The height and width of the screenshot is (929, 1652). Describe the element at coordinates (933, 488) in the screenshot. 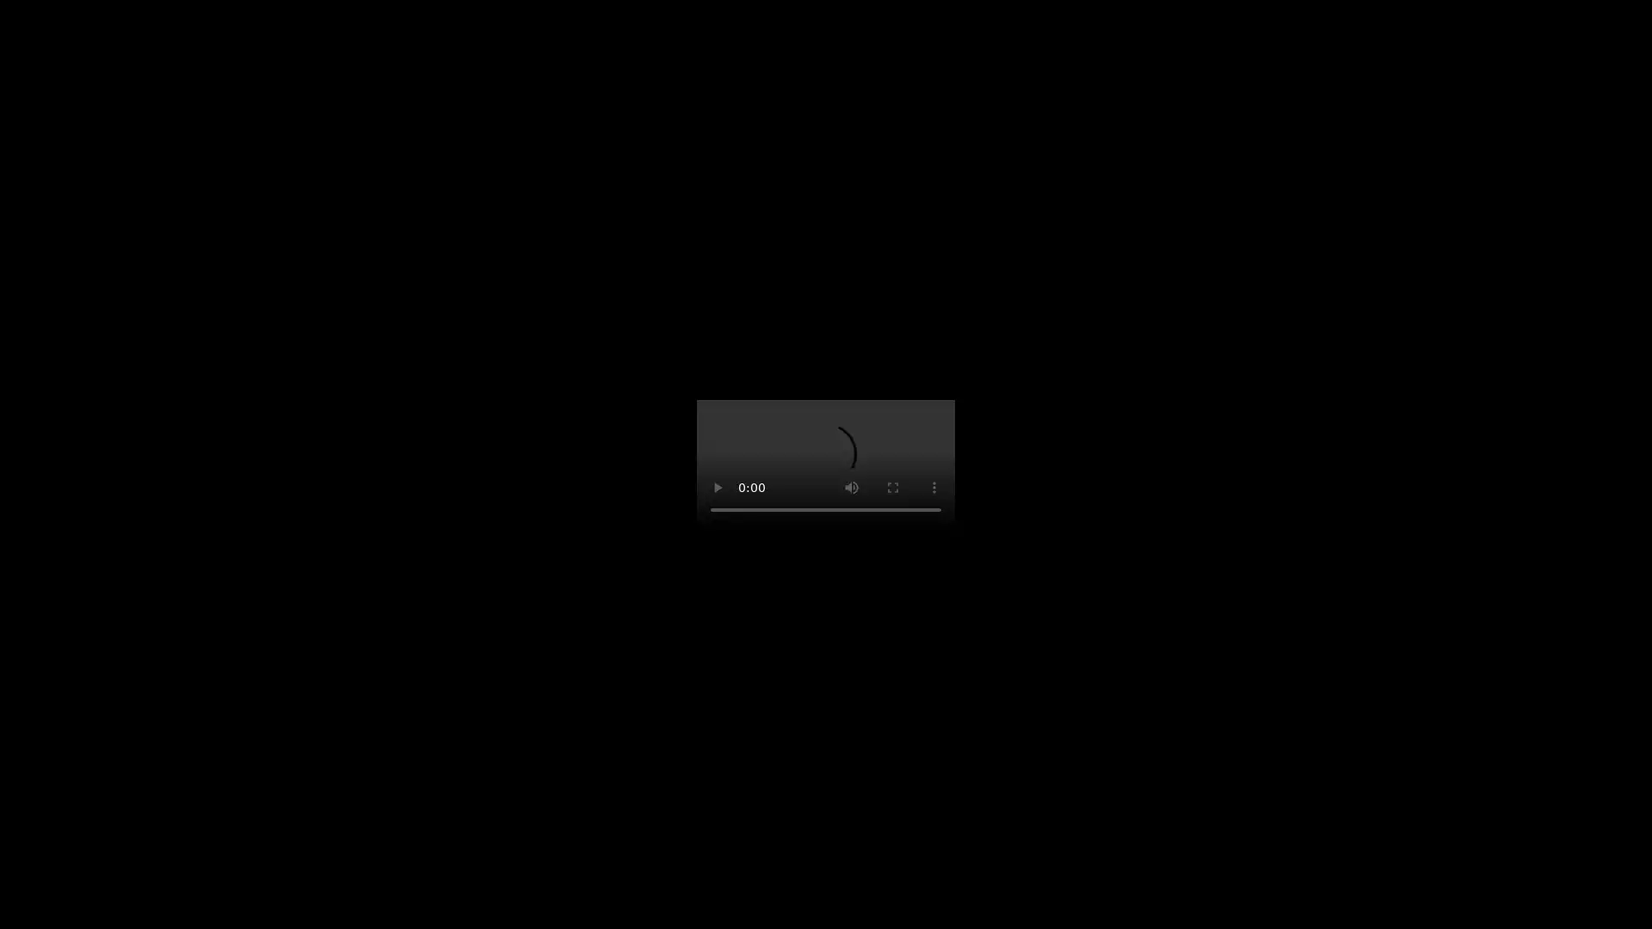

I see `show more media controls` at that location.